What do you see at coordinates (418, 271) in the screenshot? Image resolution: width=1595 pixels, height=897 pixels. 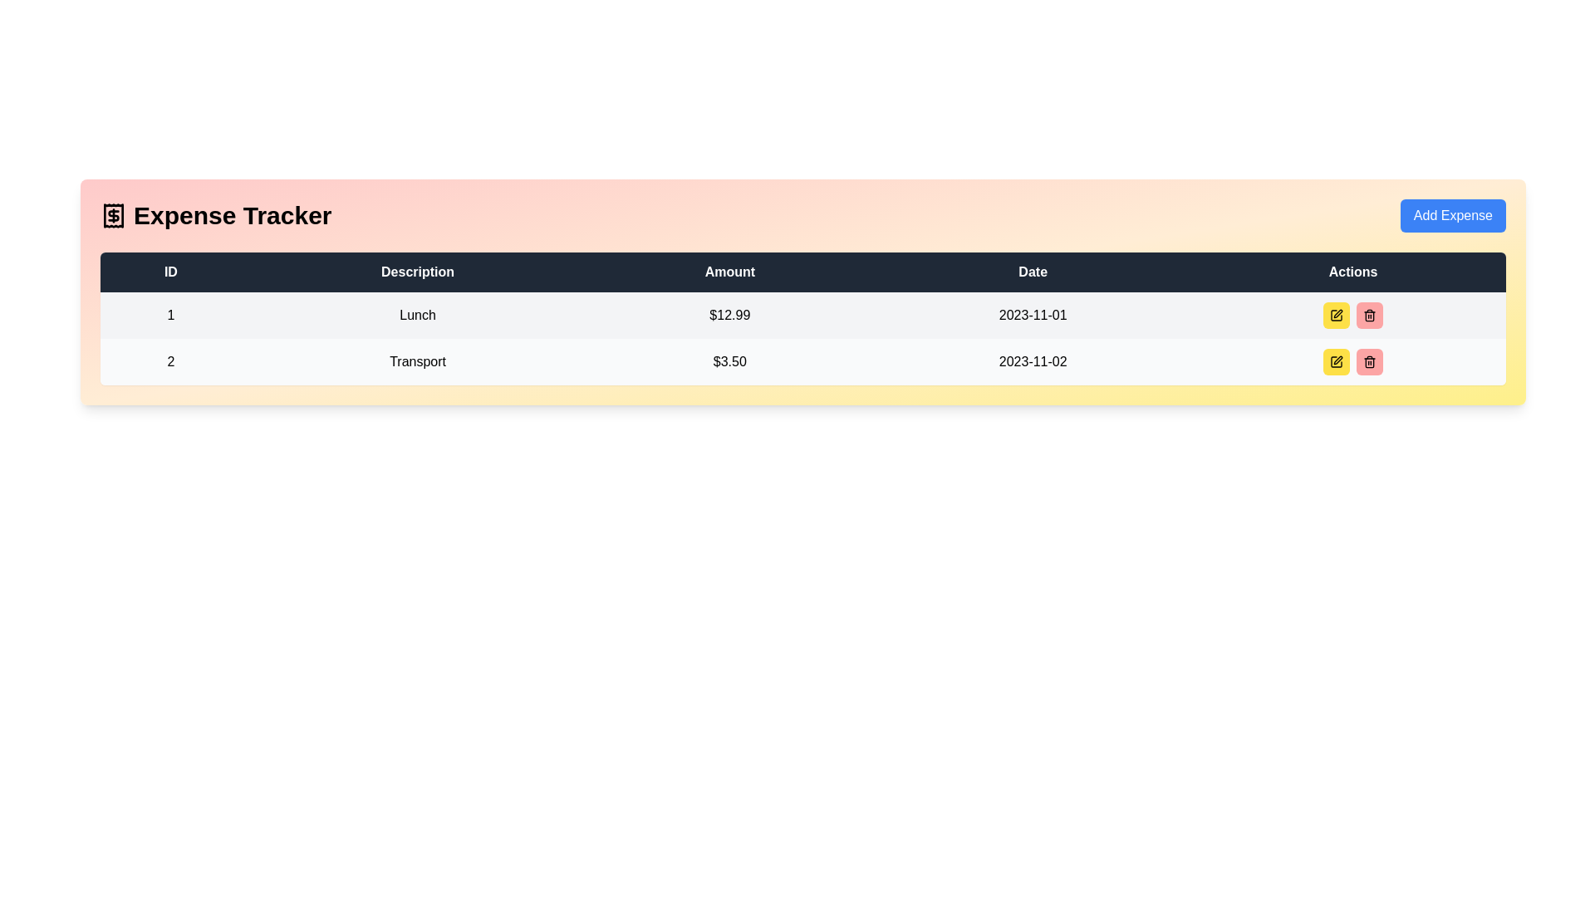 I see `the static text label that serves as the column header for 'Description' located between 'ID' and 'Amount' in the second column of the table` at bounding box center [418, 271].